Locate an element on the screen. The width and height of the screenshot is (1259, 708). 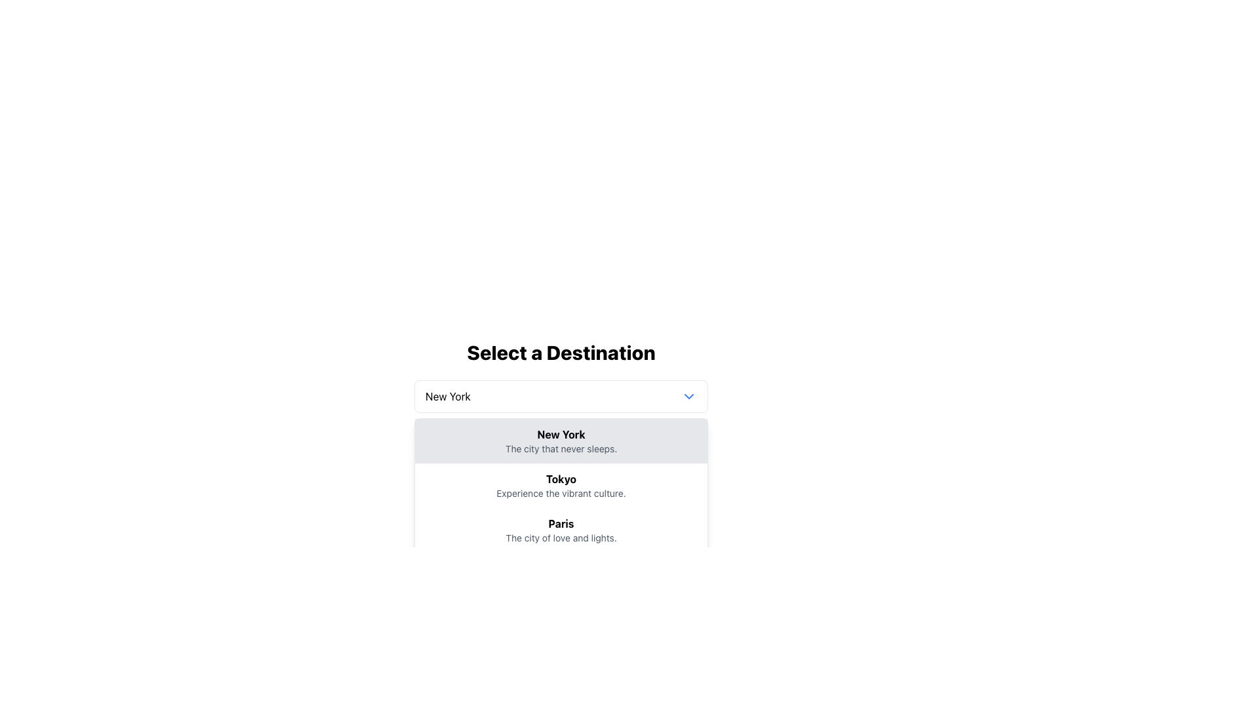
supplementary information displayed under the title 'New York' in the dropdown menu, which provides additional context for the selected item is located at coordinates (561, 446).